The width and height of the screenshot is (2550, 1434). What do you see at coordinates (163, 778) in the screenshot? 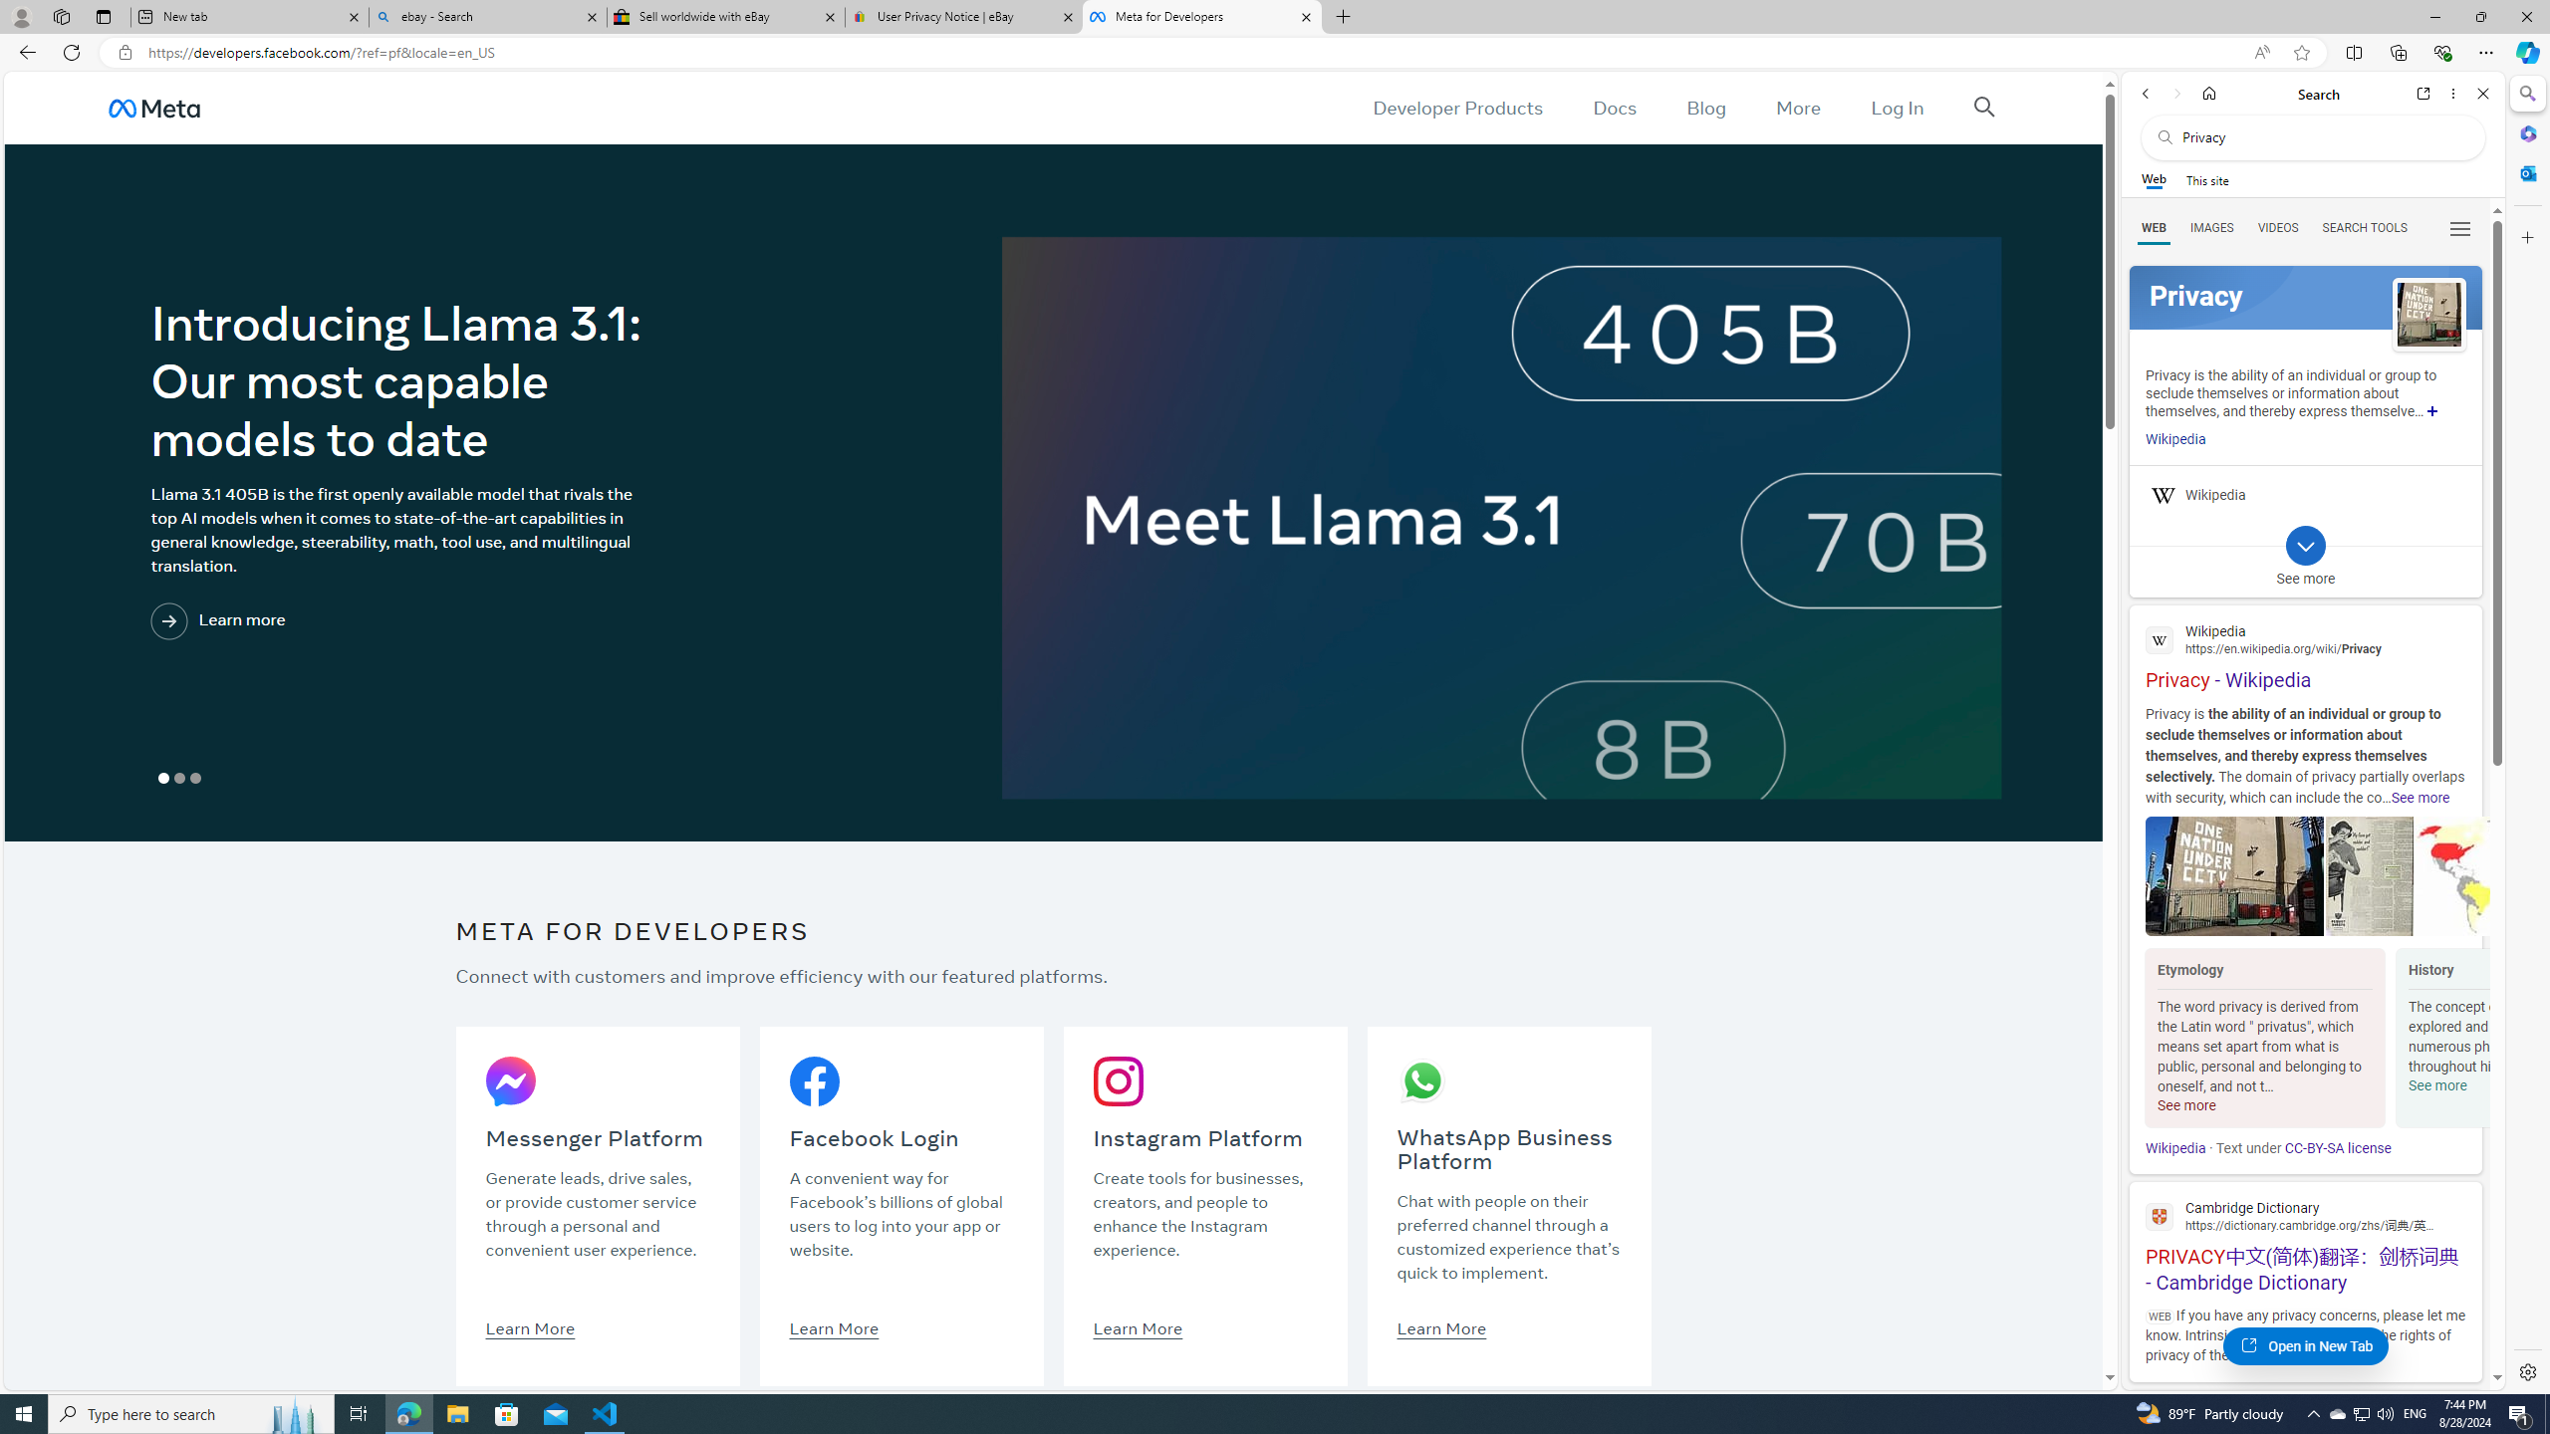
I see `'Show Slide 1'` at bounding box center [163, 778].